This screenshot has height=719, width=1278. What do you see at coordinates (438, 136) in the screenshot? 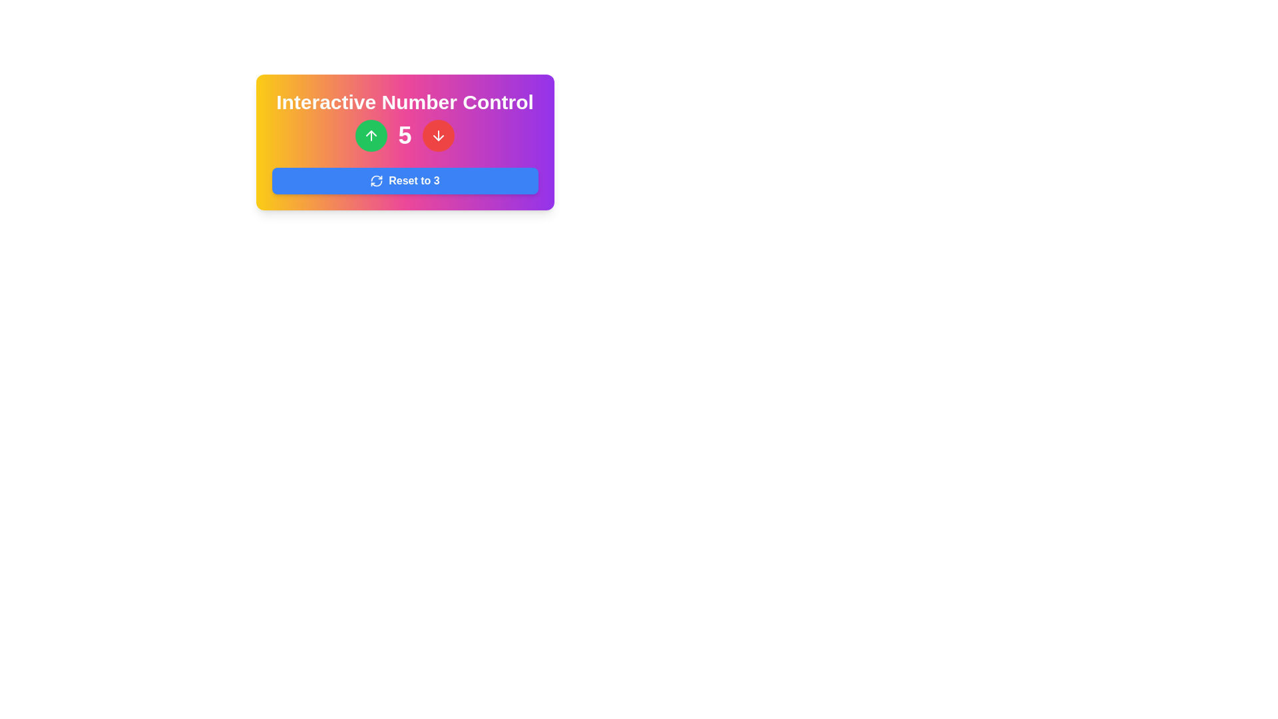
I see `the clickable interactive icon (decrement button) located to the right of the number display in the 'Interactive Number Control' panel` at bounding box center [438, 136].